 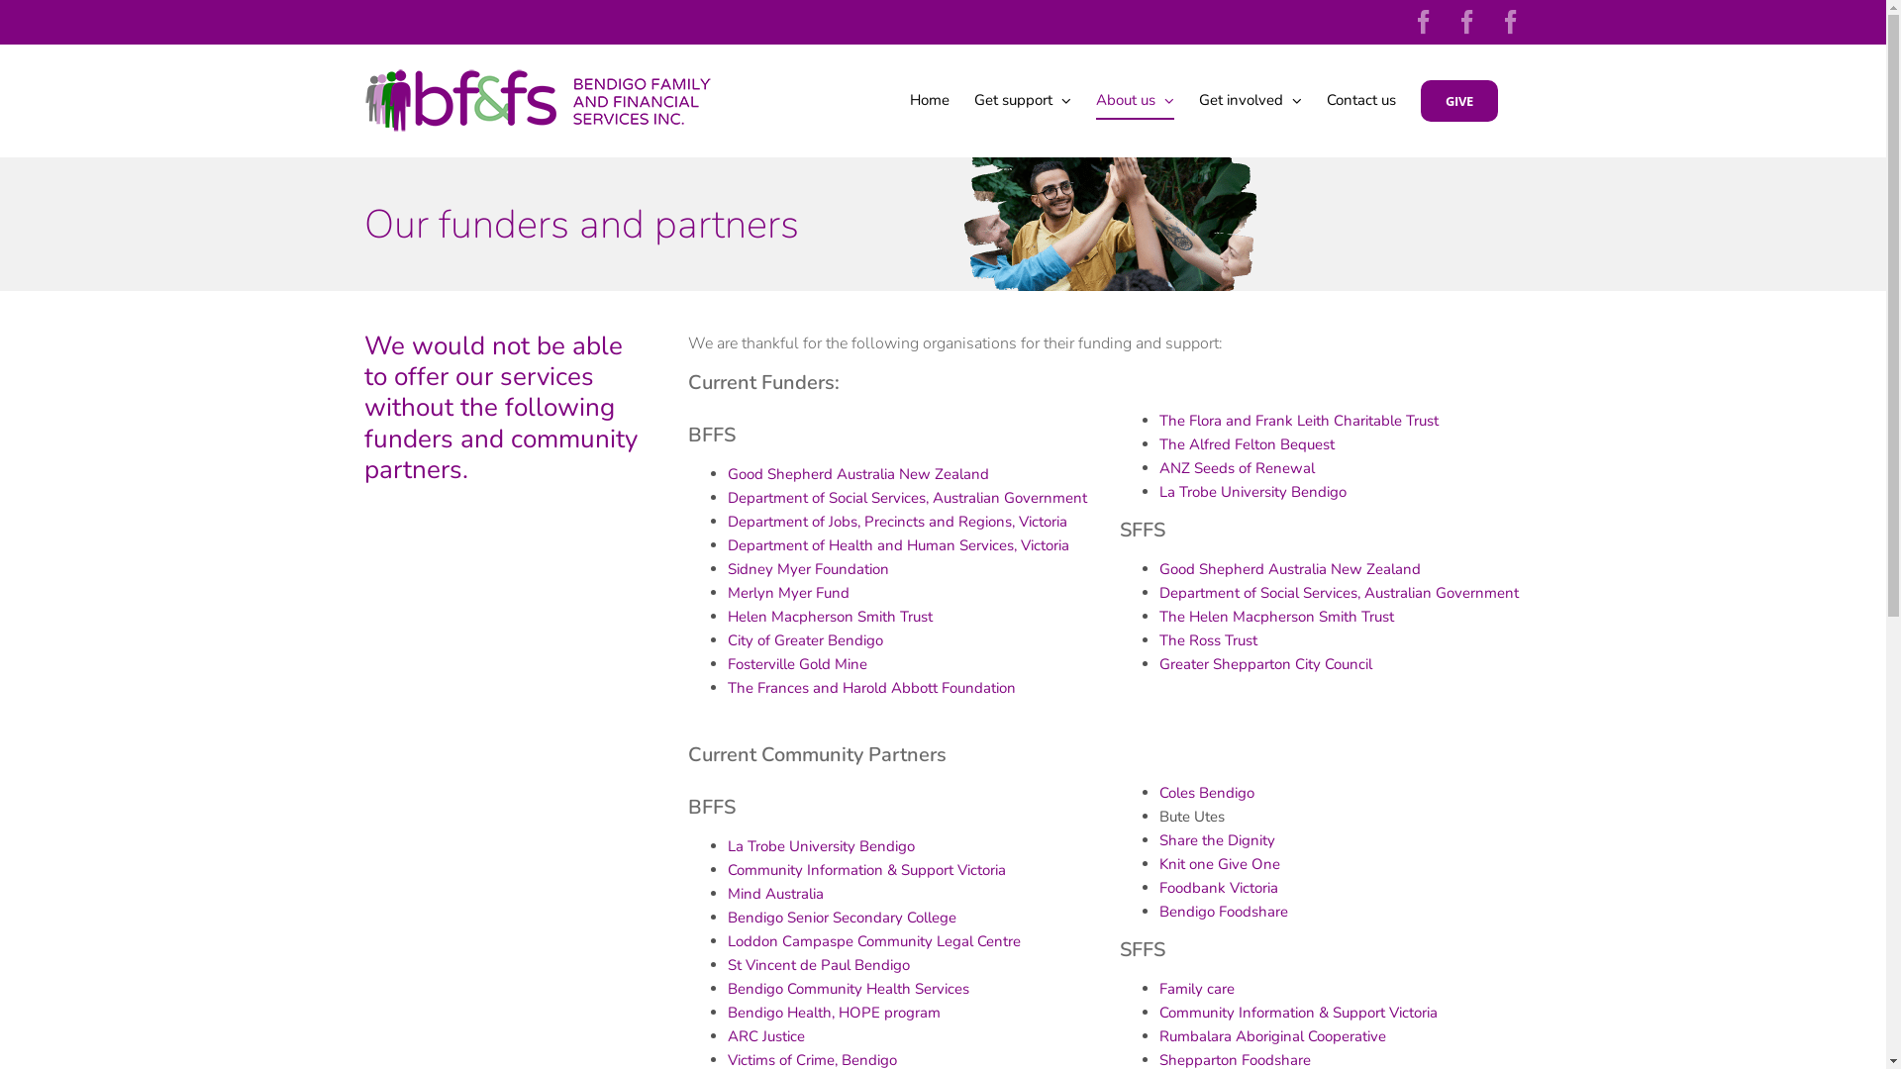 I want to click on 'The Alfred Felton Bequest', so click(x=1159, y=442).